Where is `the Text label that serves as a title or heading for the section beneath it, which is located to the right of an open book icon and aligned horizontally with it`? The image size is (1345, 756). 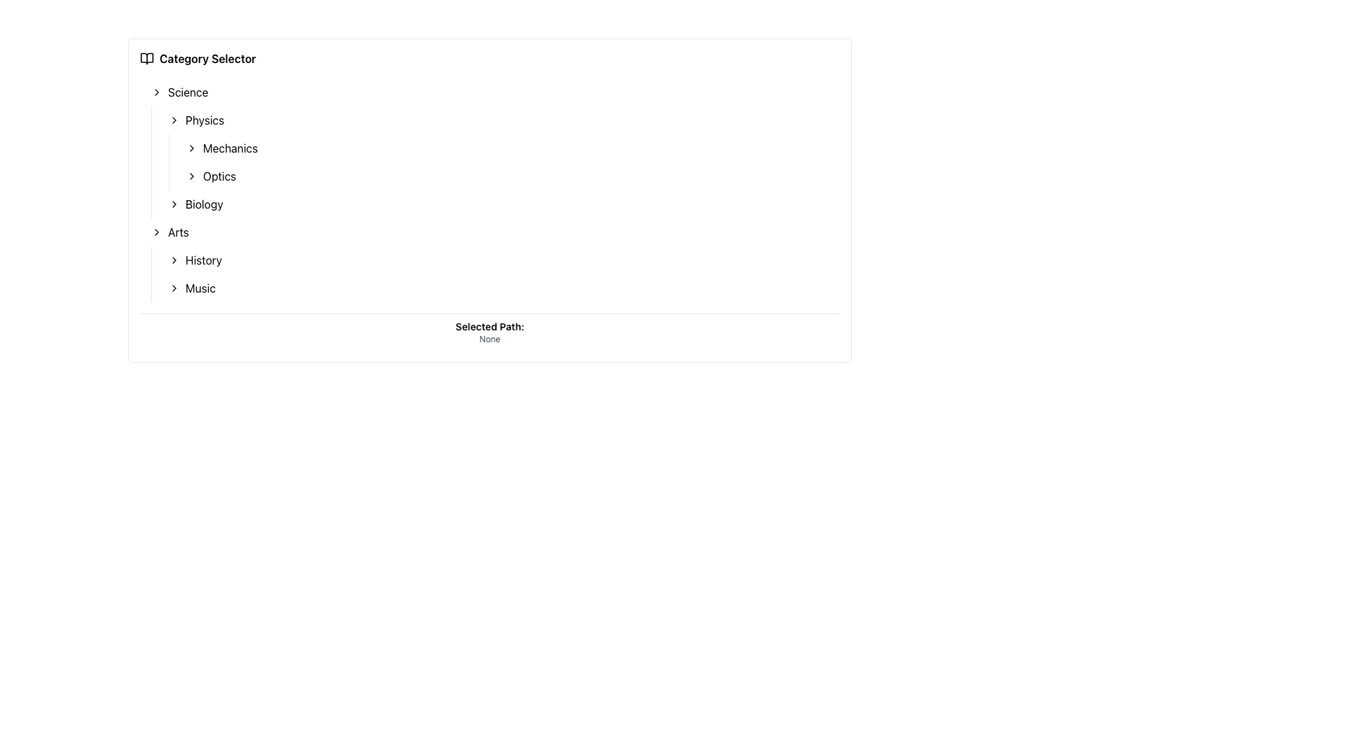
the Text label that serves as a title or heading for the section beneath it, which is located to the right of an open book icon and aligned horizontally with it is located at coordinates (207, 58).